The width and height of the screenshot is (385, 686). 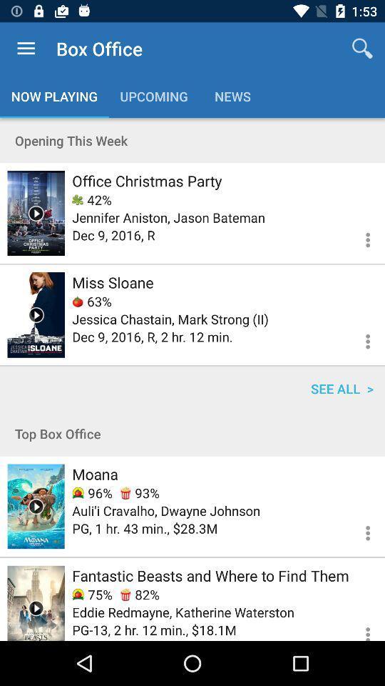 I want to click on item below the top box office icon, so click(x=95, y=474).